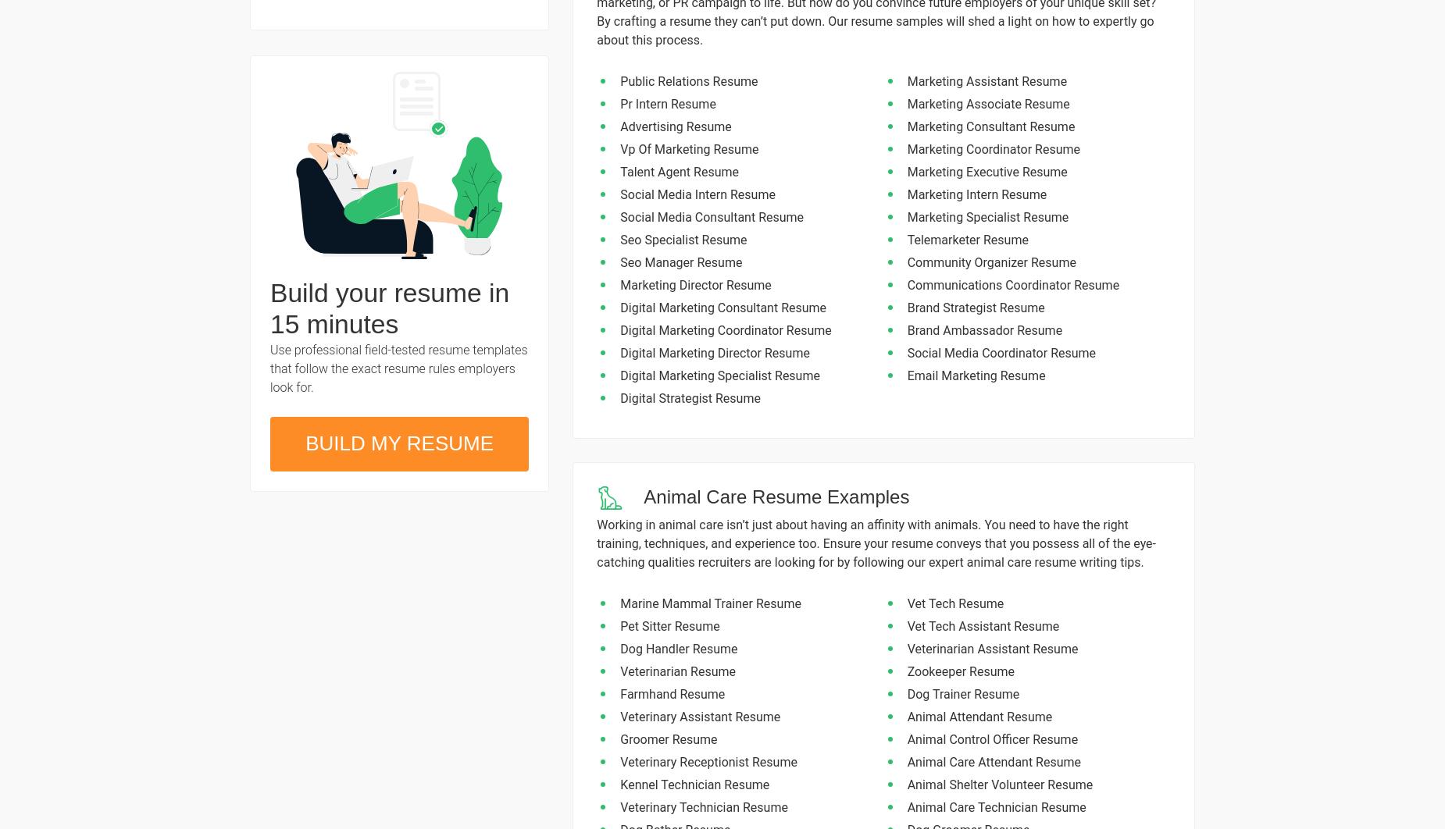 The height and width of the screenshot is (829, 1445). Describe the element at coordinates (906, 329) in the screenshot. I see `'Brand Ambassador Resume'` at that location.